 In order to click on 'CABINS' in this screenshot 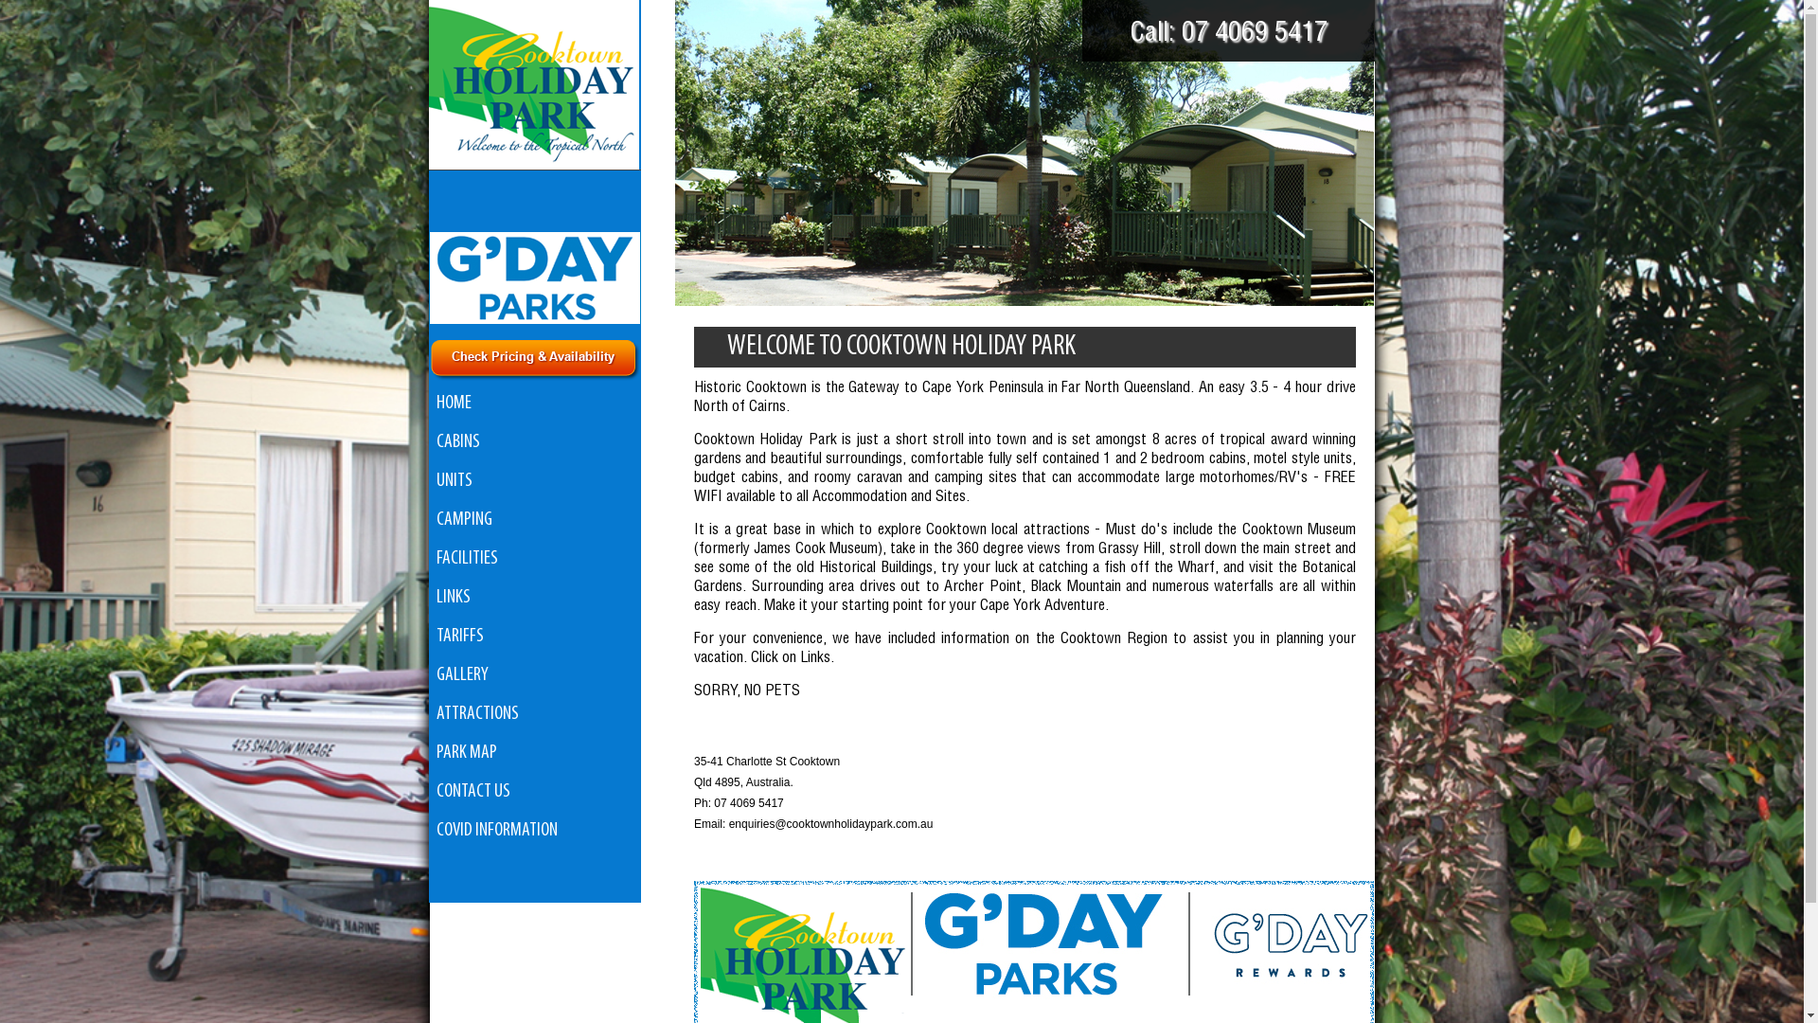, I will do `click(534, 442)`.